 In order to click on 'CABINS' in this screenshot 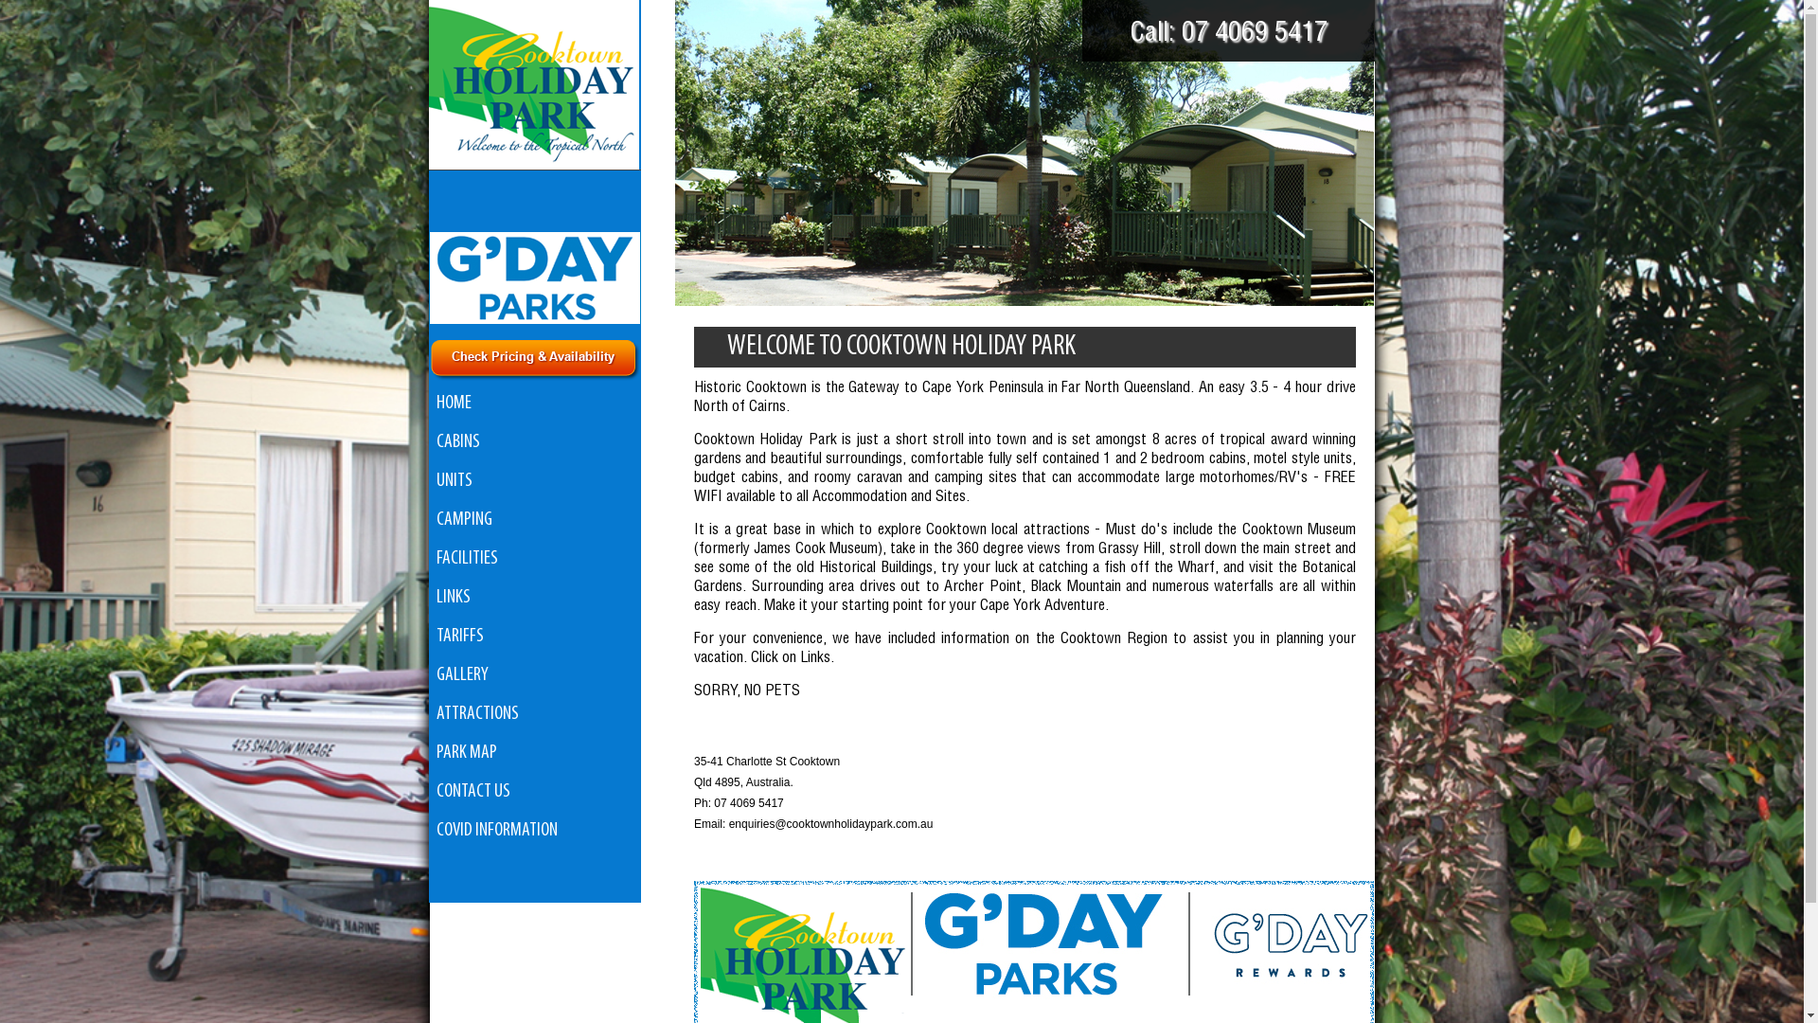, I will do `click(534, 442)`.